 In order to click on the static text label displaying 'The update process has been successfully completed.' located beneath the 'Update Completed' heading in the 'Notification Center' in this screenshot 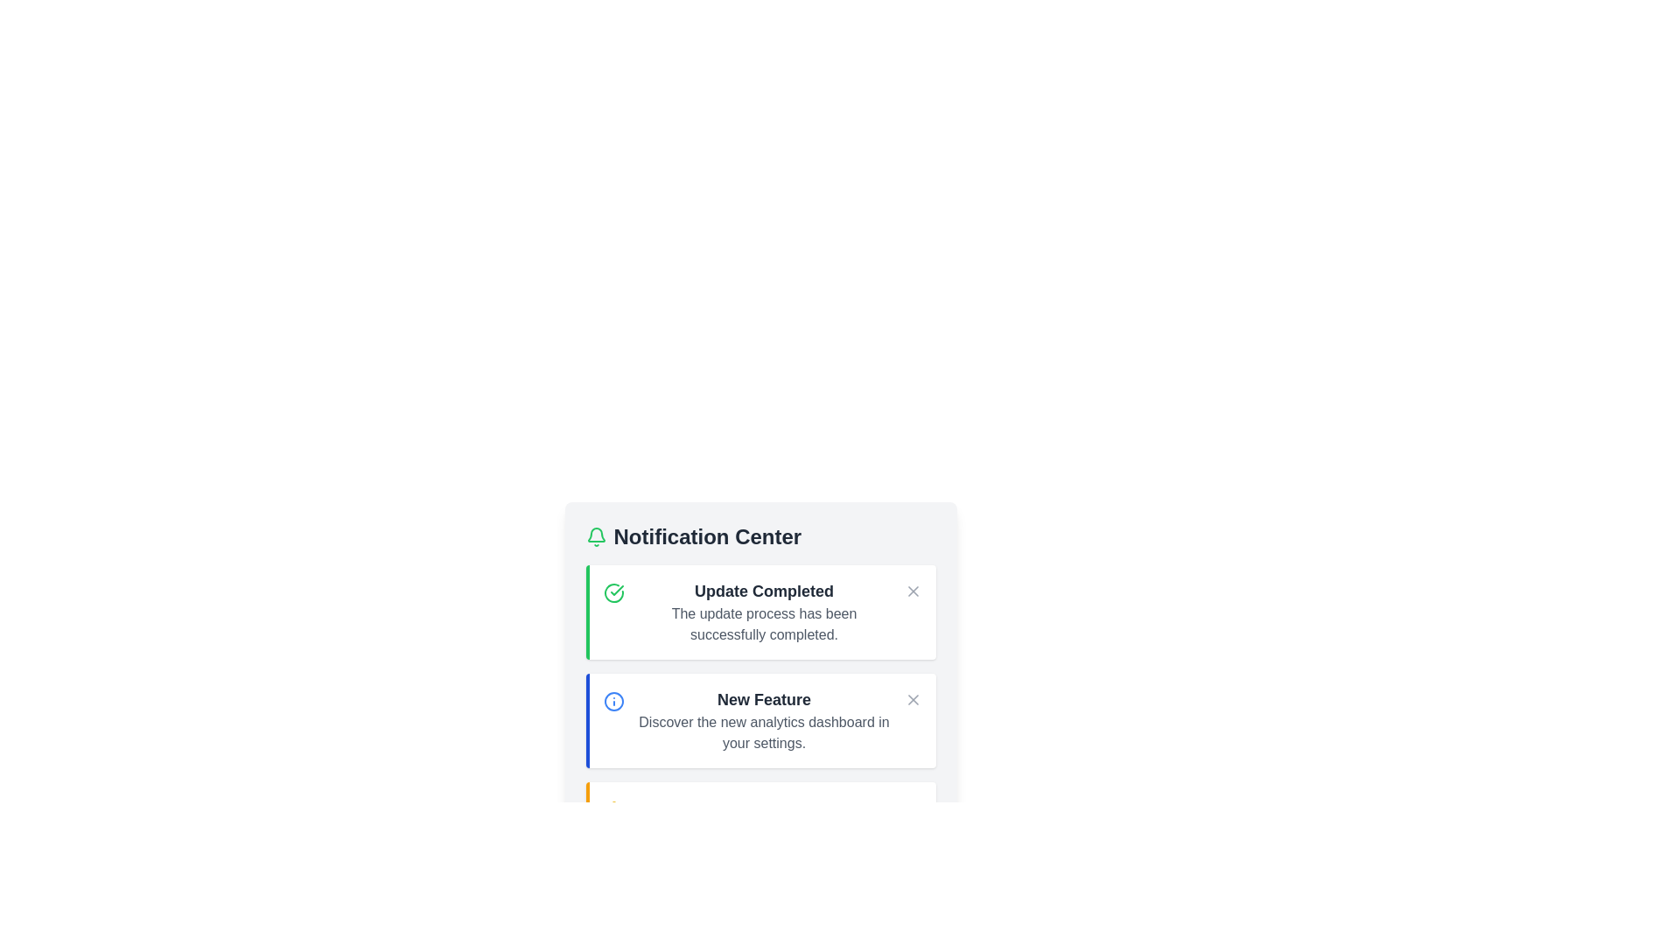, I will do `click(764, 623)`.